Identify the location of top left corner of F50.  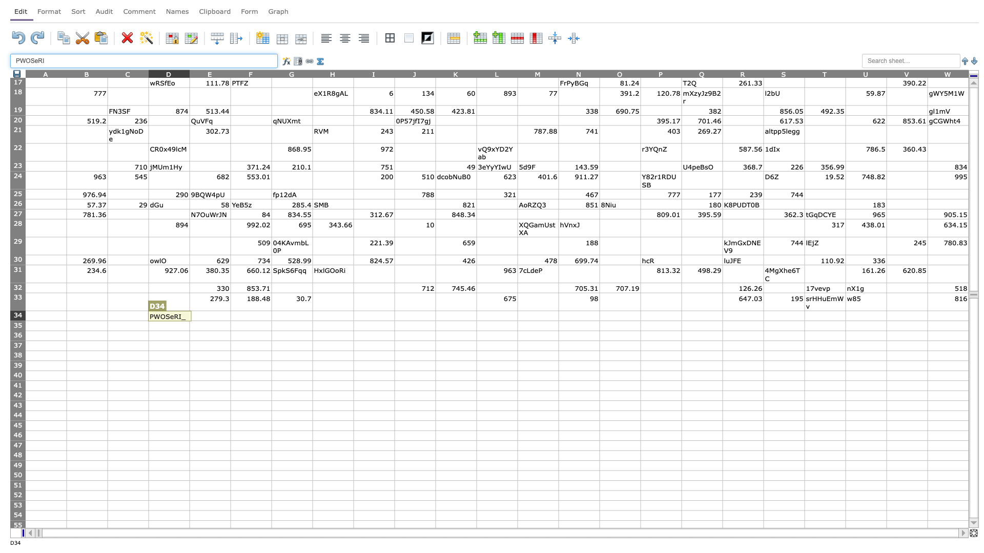
(230, 470).